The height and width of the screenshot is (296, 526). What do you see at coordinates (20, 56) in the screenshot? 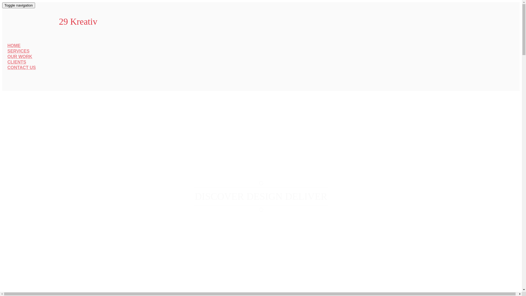
I see `'OUR WORK'` at bounding box center [20, 56].